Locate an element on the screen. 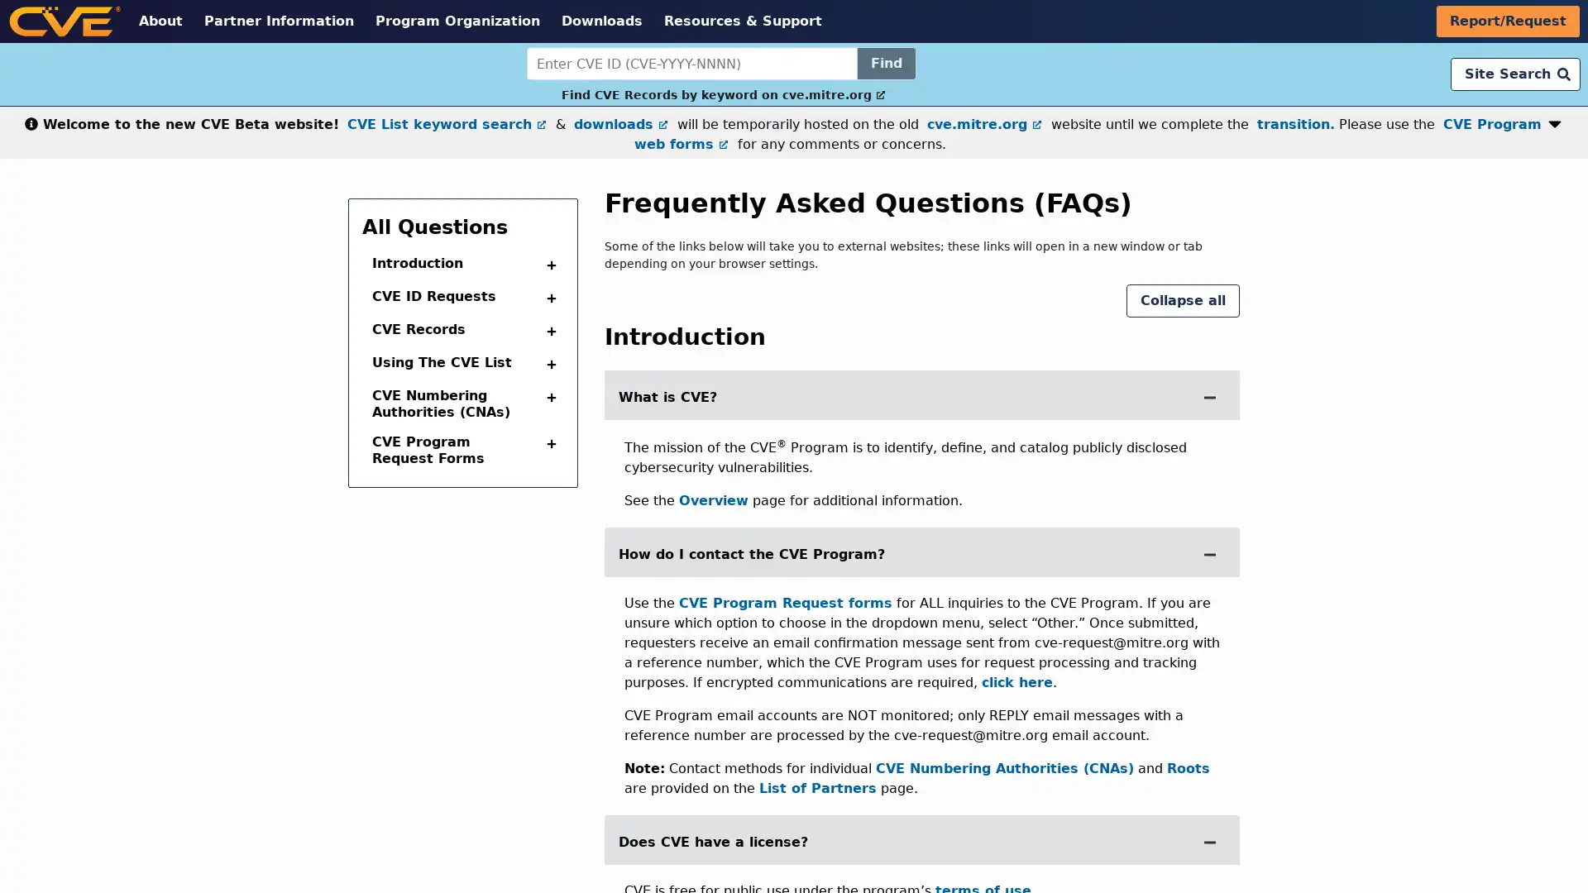 This screenshot has height=893, width=1588. expand is located at coordinates (548, 332).